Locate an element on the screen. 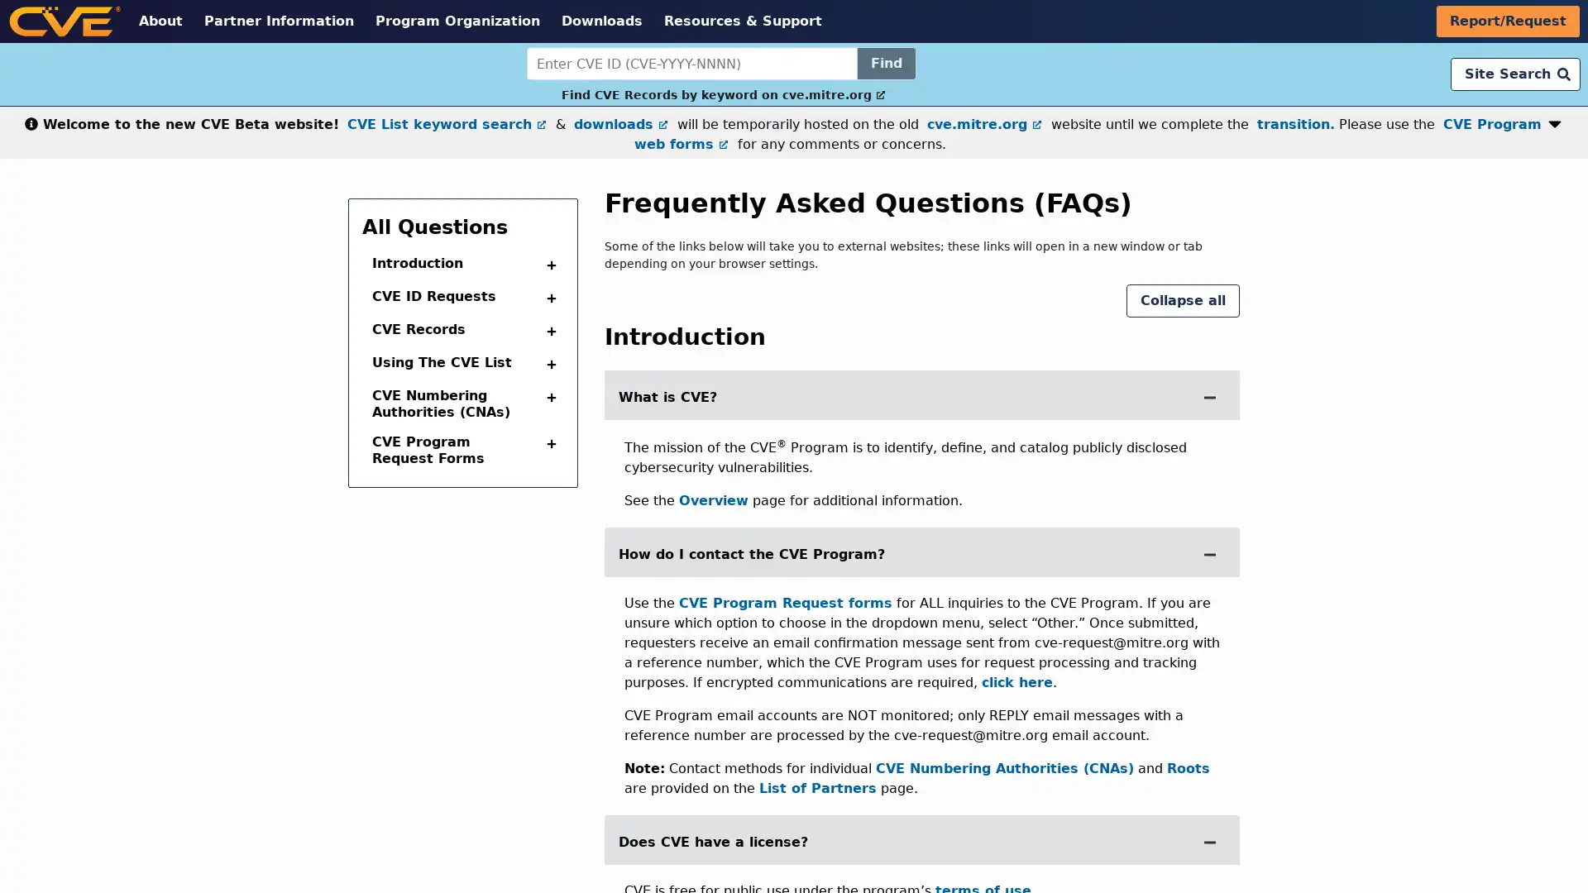 This screenshot has height=893, width=1588. expand is located at coordinates (548, 332).